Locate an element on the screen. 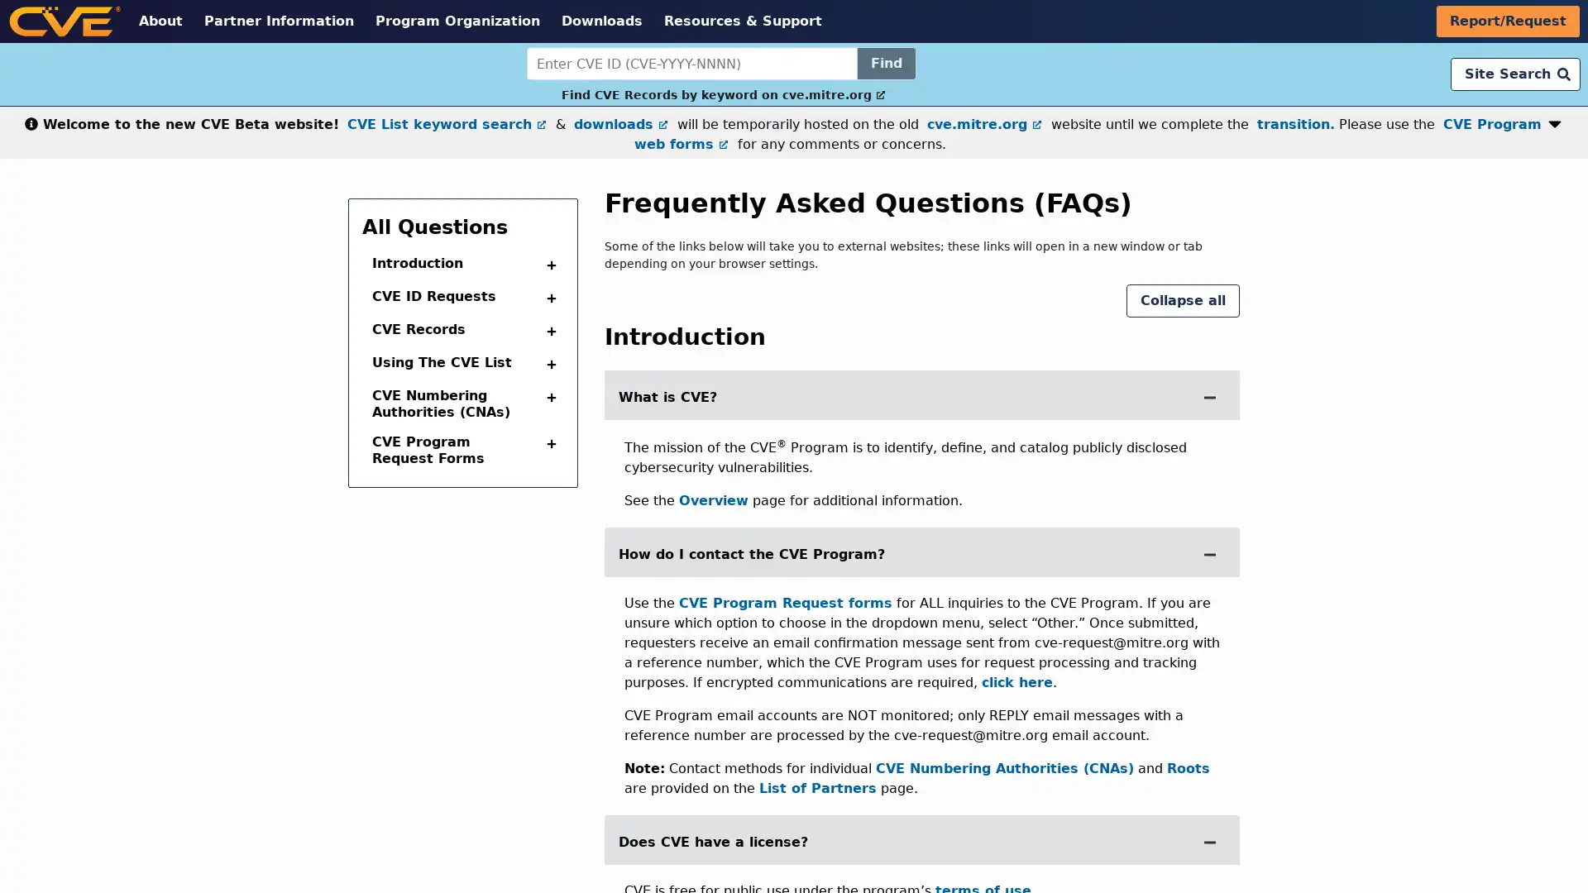 This screenshot has height=893, width=1588. expand is located at coordinates (548, 332).